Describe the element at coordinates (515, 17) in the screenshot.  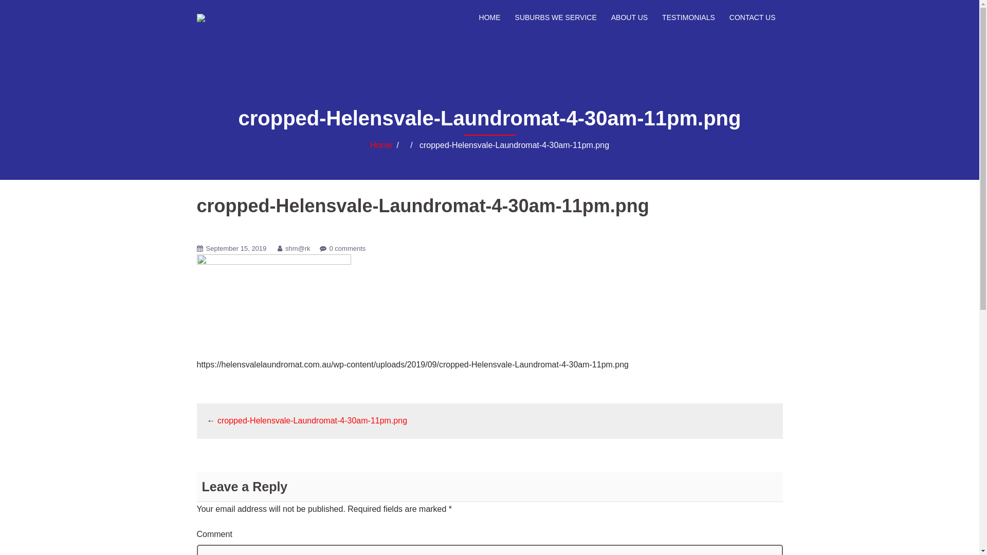
I see `'SUBURBS WE SERVICE'` at that location.